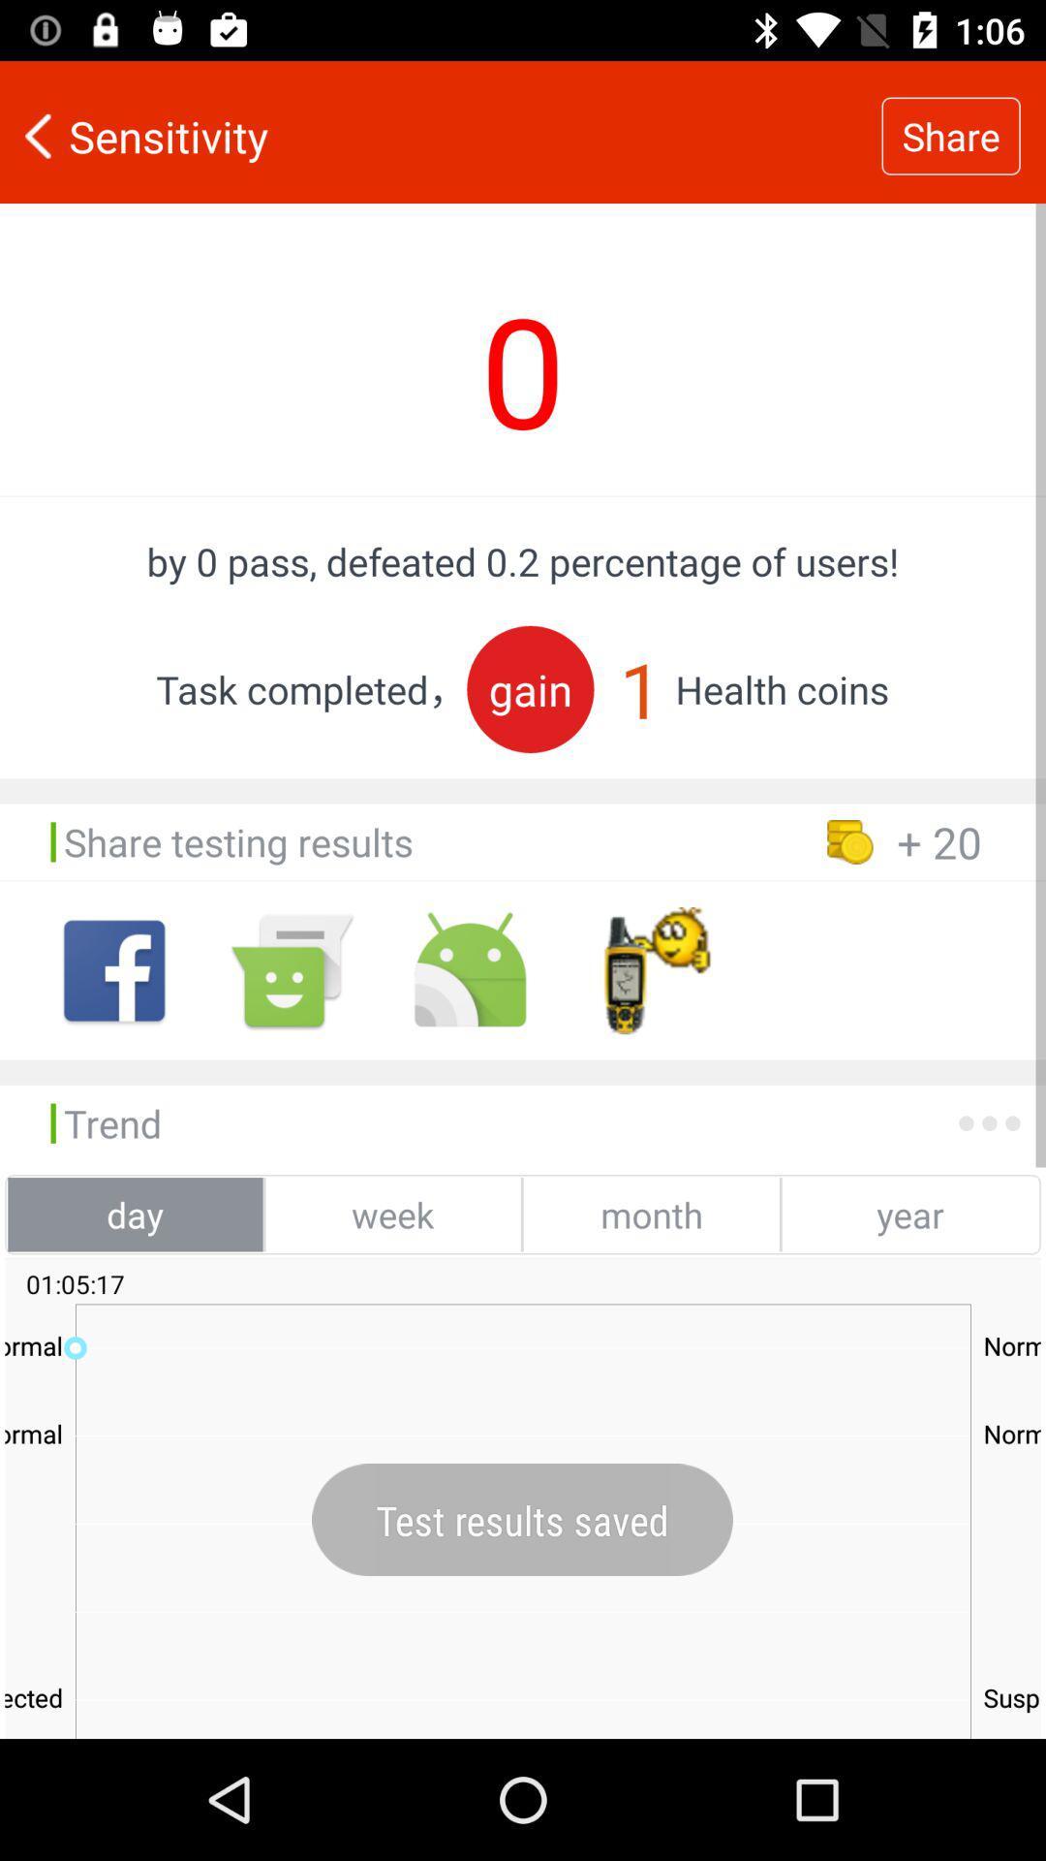 This screenshot has height=1861, width=1046. I want to click on choode the red color circle, so click(530, 689).